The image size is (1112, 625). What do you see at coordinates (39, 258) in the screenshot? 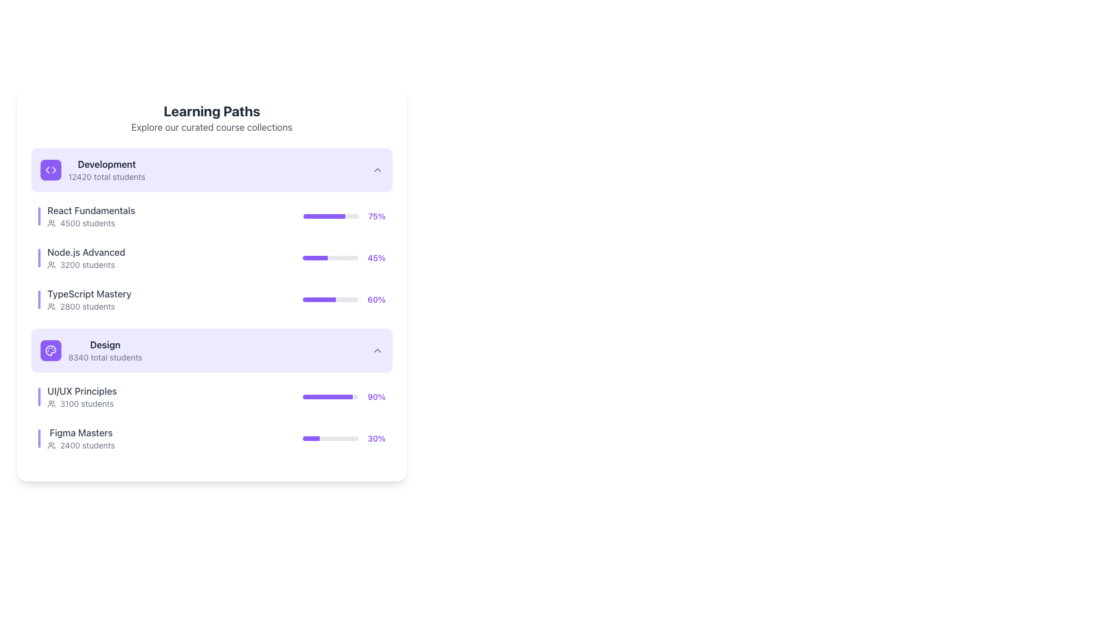
I see `the vertical purple decorative separator to the left of the 'Node.js Advanced' text within the course list under the 'Development' section` at bounding box center [39, 258].